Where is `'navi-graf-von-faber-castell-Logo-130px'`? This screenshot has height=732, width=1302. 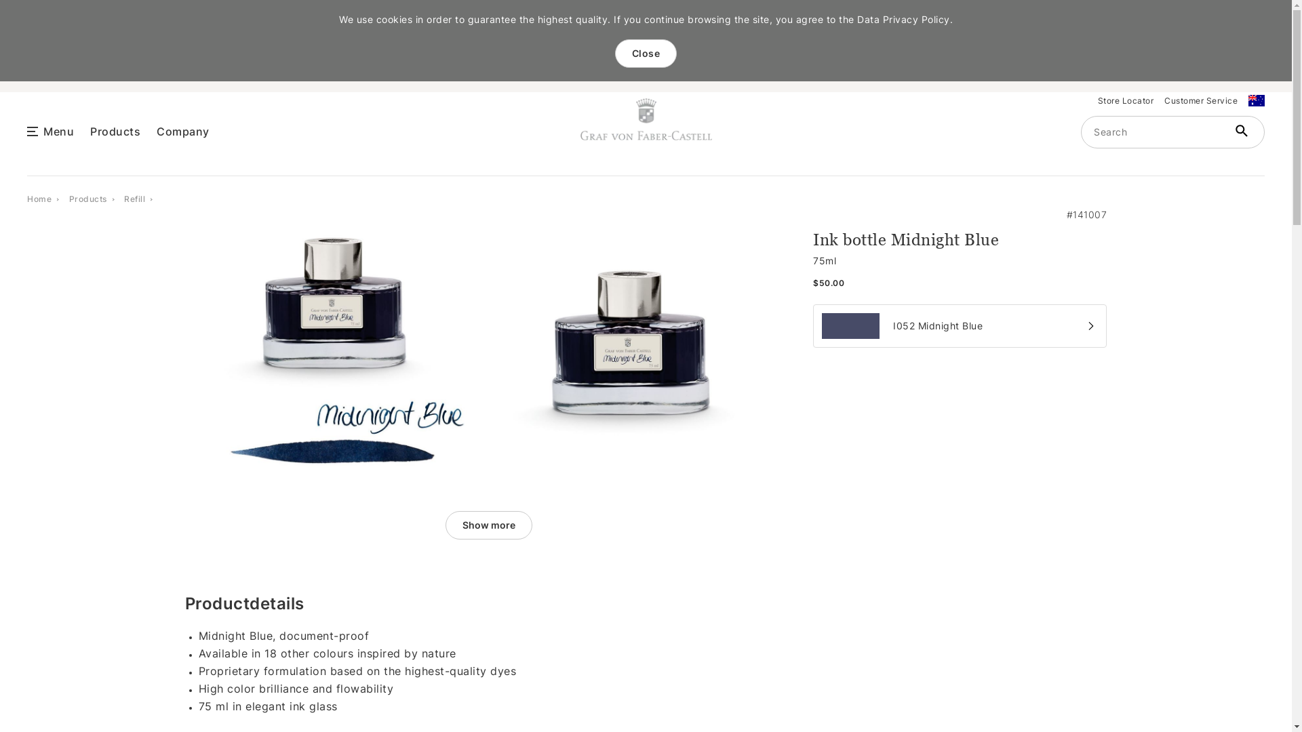
'navi-graf-von-faber-castell-Logo-130px' is located at coordinates (646, 119).